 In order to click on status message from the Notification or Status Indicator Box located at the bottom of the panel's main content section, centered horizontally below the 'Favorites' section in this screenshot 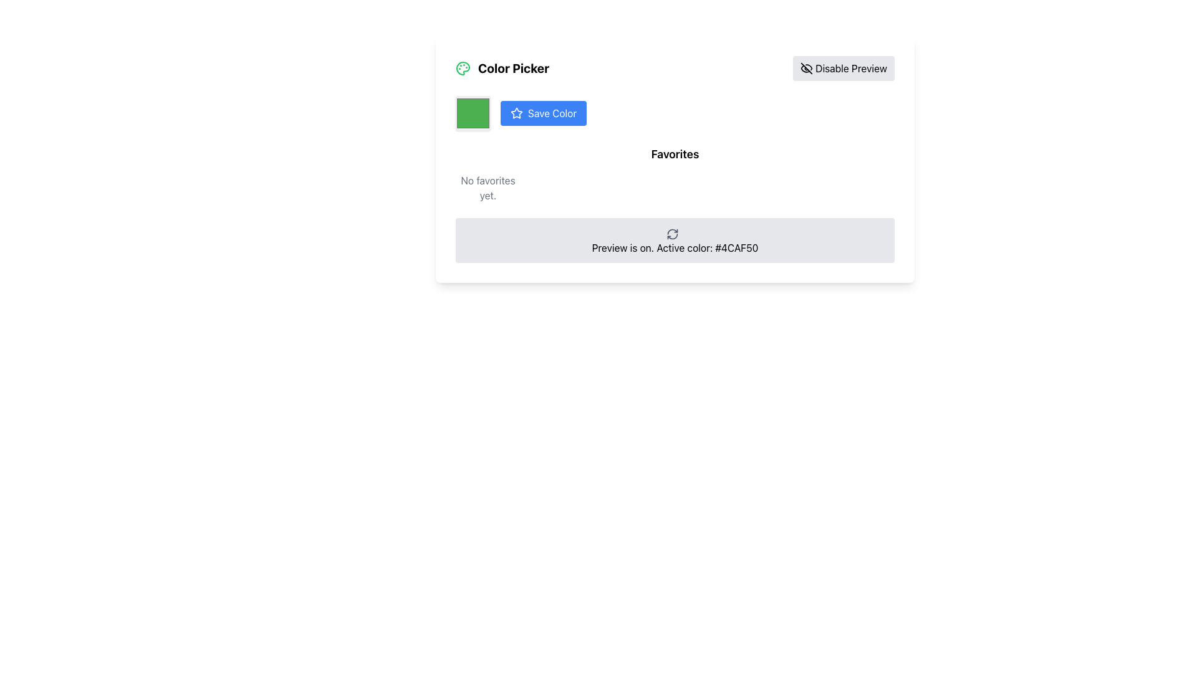, I will do `click(675, 240)`.